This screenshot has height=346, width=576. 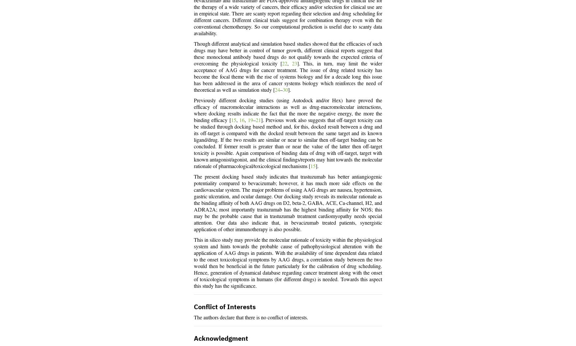 What do you see at coordinates (288, 77) in the screenshot?
I see `']. This, in turn, may limit the wider acceptance of AAG drugs for cancer treatment. The issue of drug related toxicity has become the focal theme with the rise of systems biology and for a decade long this issue has been addressed in the area of cancer systems biology which reinforces the need of theoretical as well as simulation study ['` at bounding box center [288, 77].